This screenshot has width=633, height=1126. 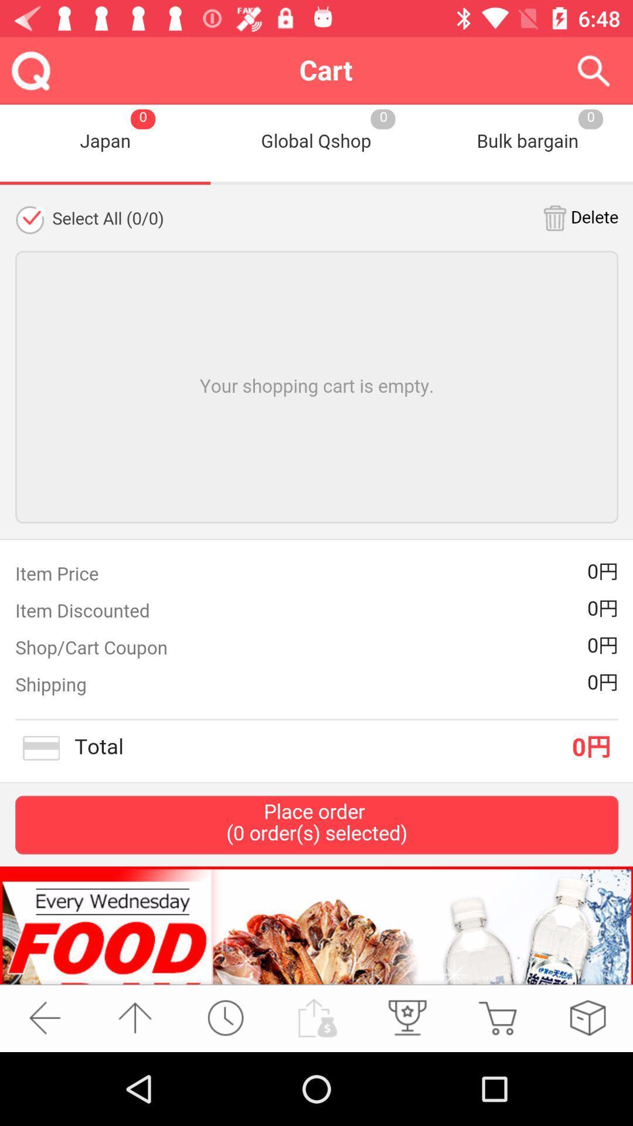 What do you see at coordinates (44, 1017) in the screenshot?
I see `back` at bounding box center [44, 1017].